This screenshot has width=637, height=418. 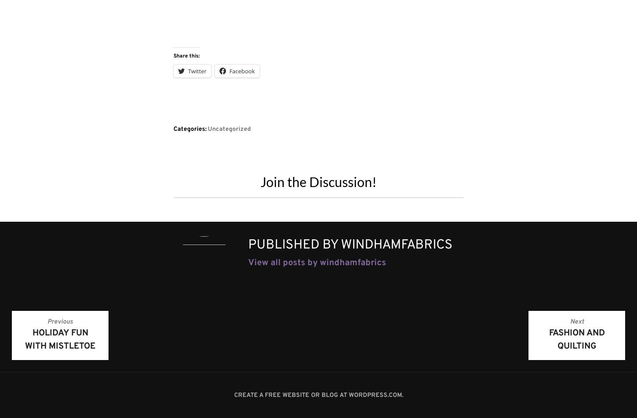 I want to click on 'Published by', so click(x=293, y=245).